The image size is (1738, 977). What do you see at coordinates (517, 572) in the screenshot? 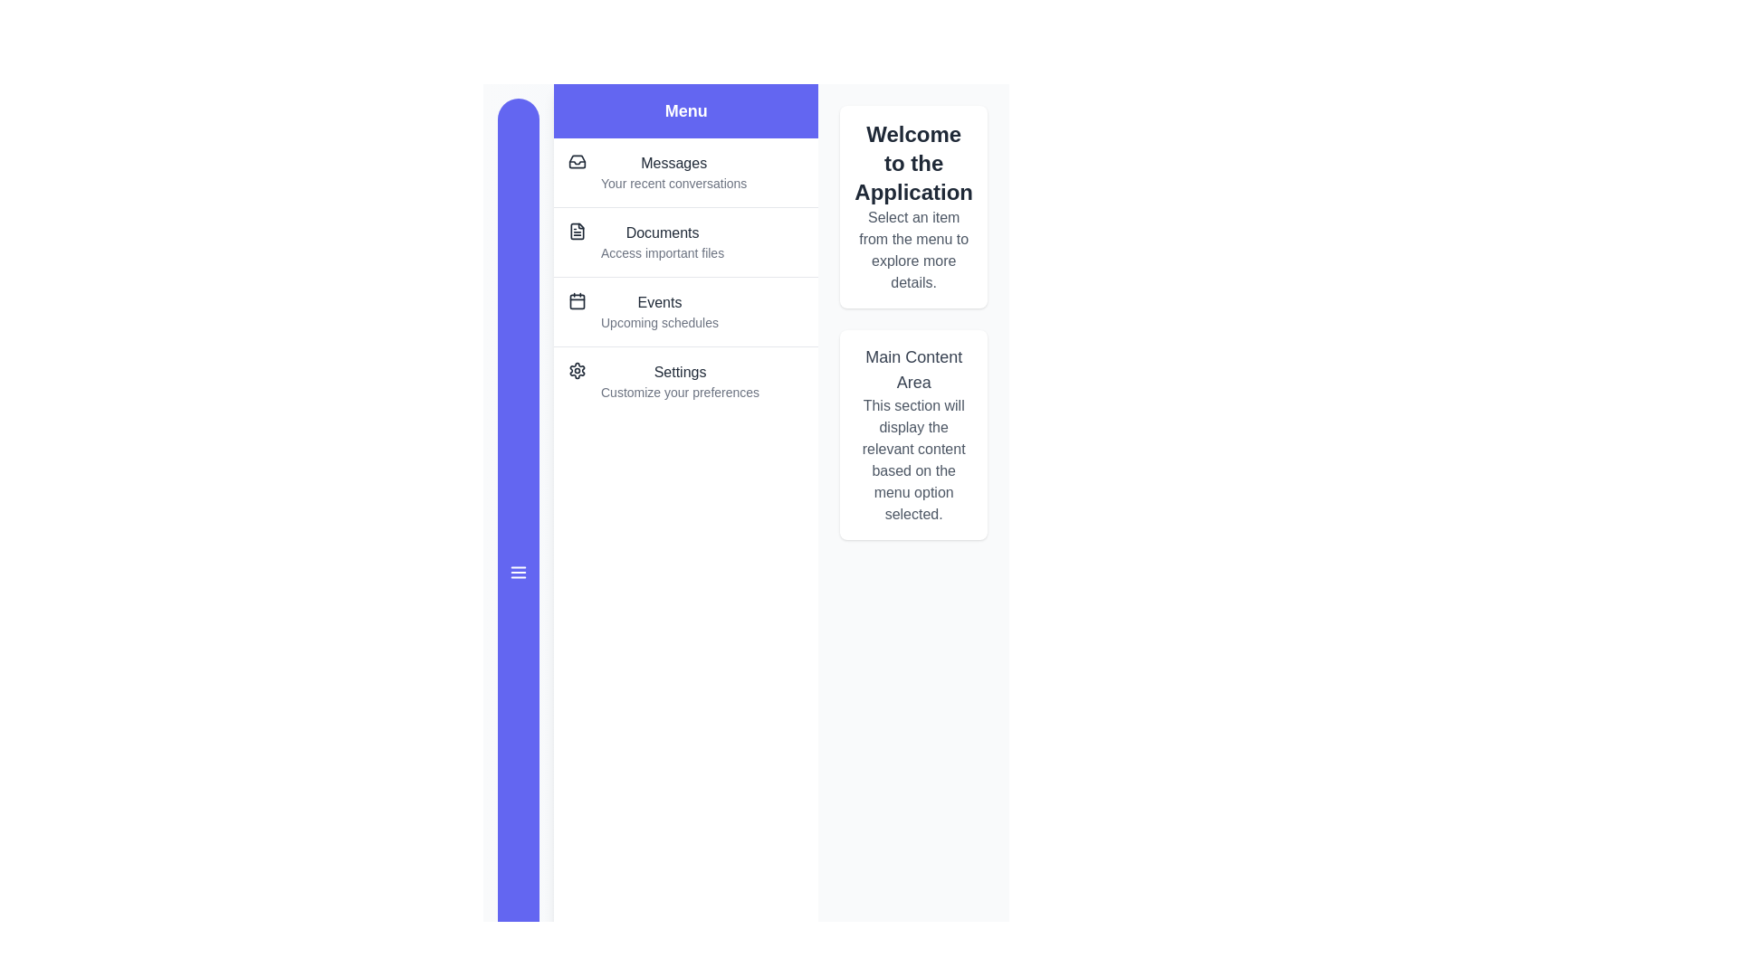
I see `the button to toggle the visibility of the drawer menu` at bounding box center [517, 572].